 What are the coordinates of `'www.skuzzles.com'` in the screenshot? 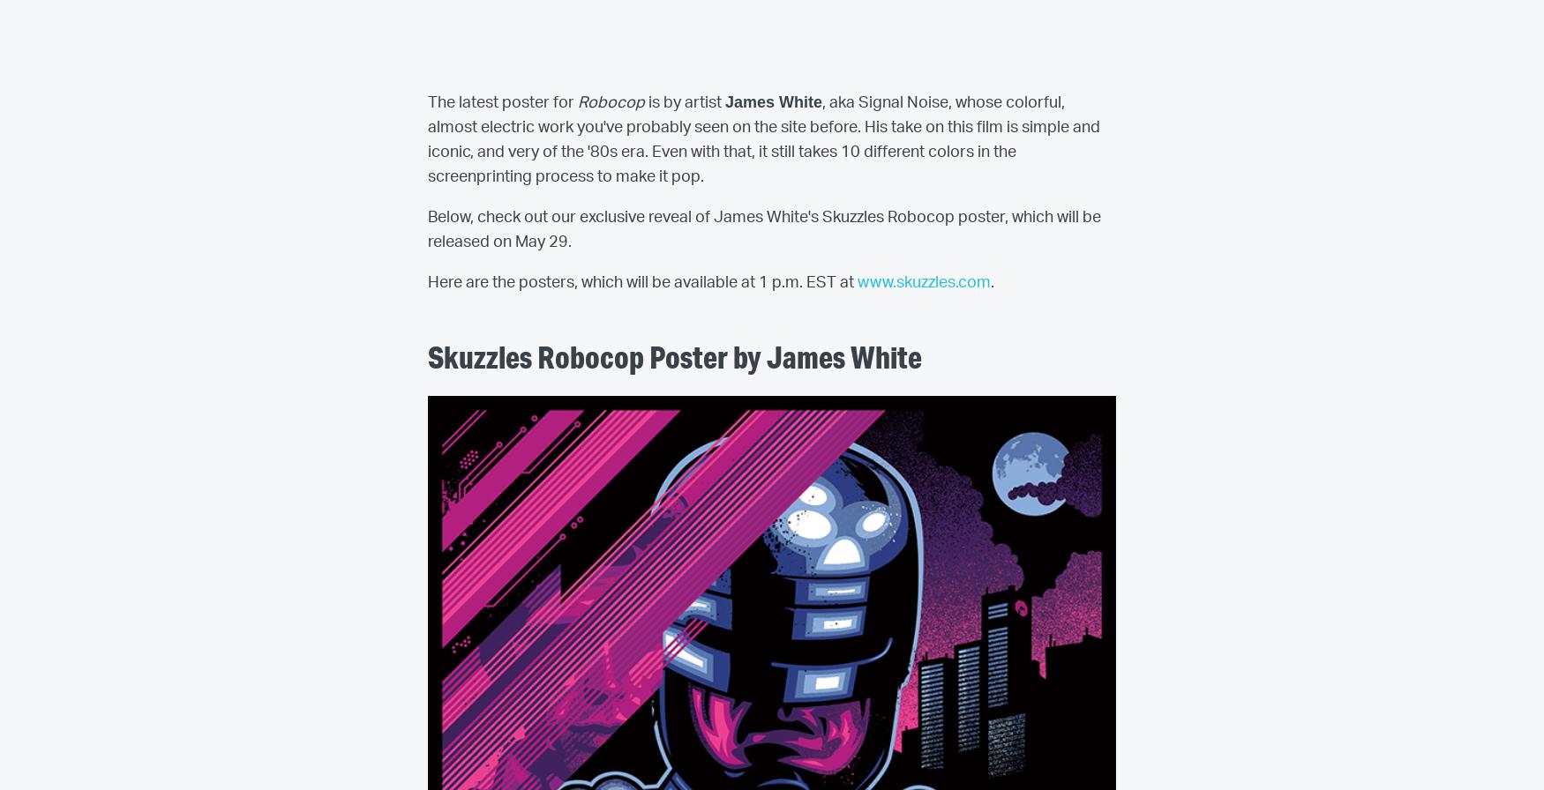 It's located at (923, 281).